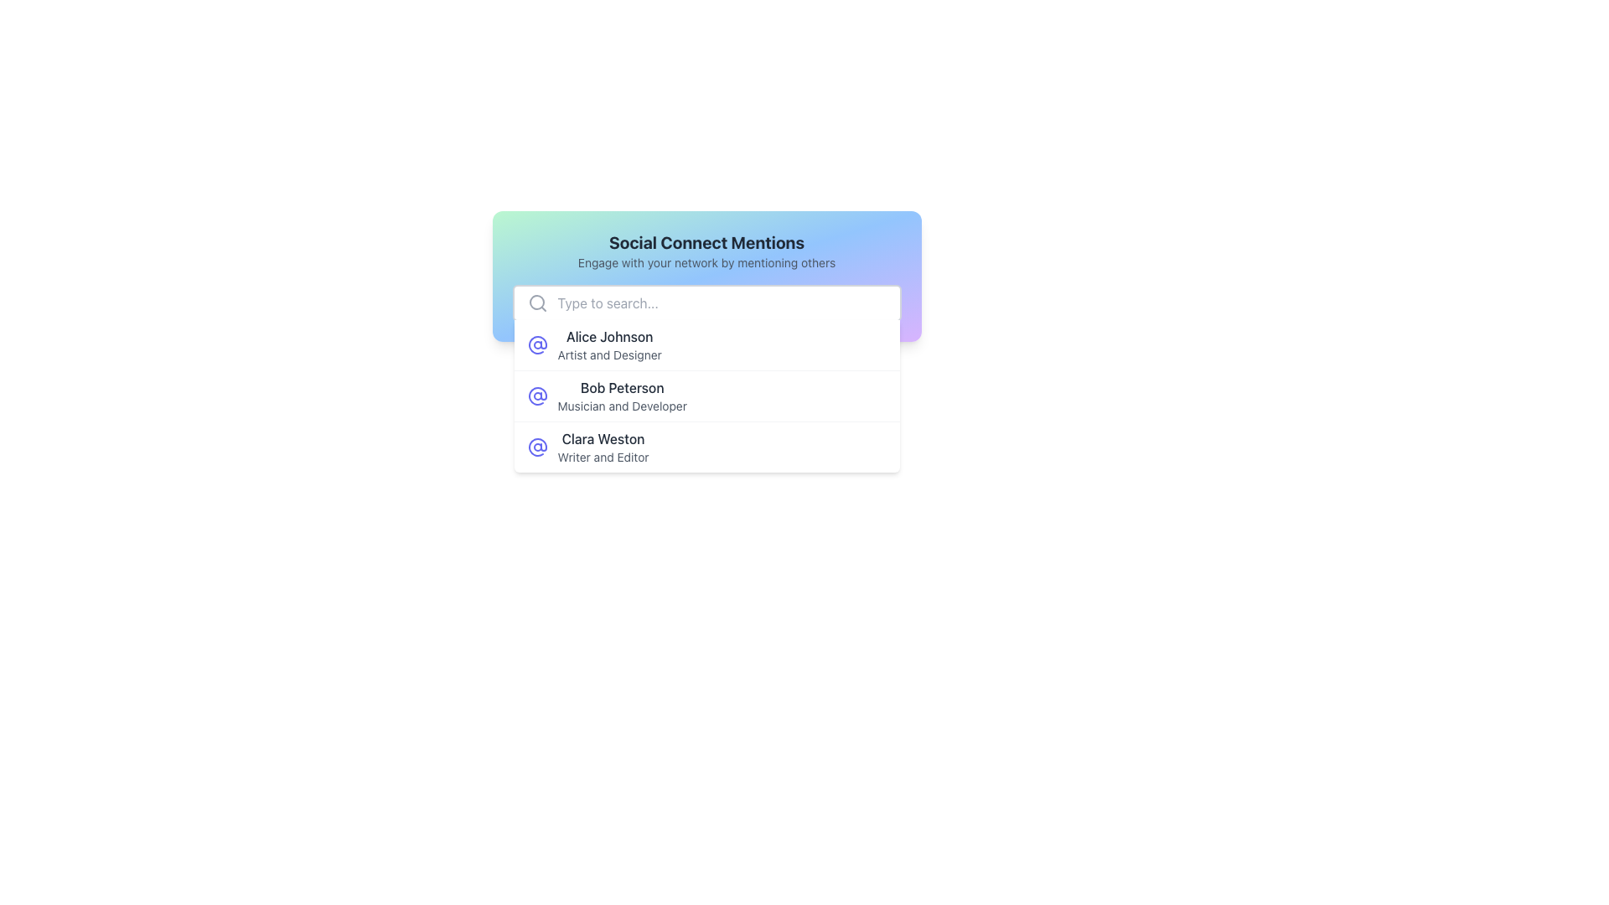 This screenshot has height=905, width=1609. What do you see at coordinates (537, 446) in the screenshot?
I see `the indigo '@' icon positioned before the text 'Clara Weston Writer and Editor' in the third list item of the dropdown menu` at bounding box center [537, 446].